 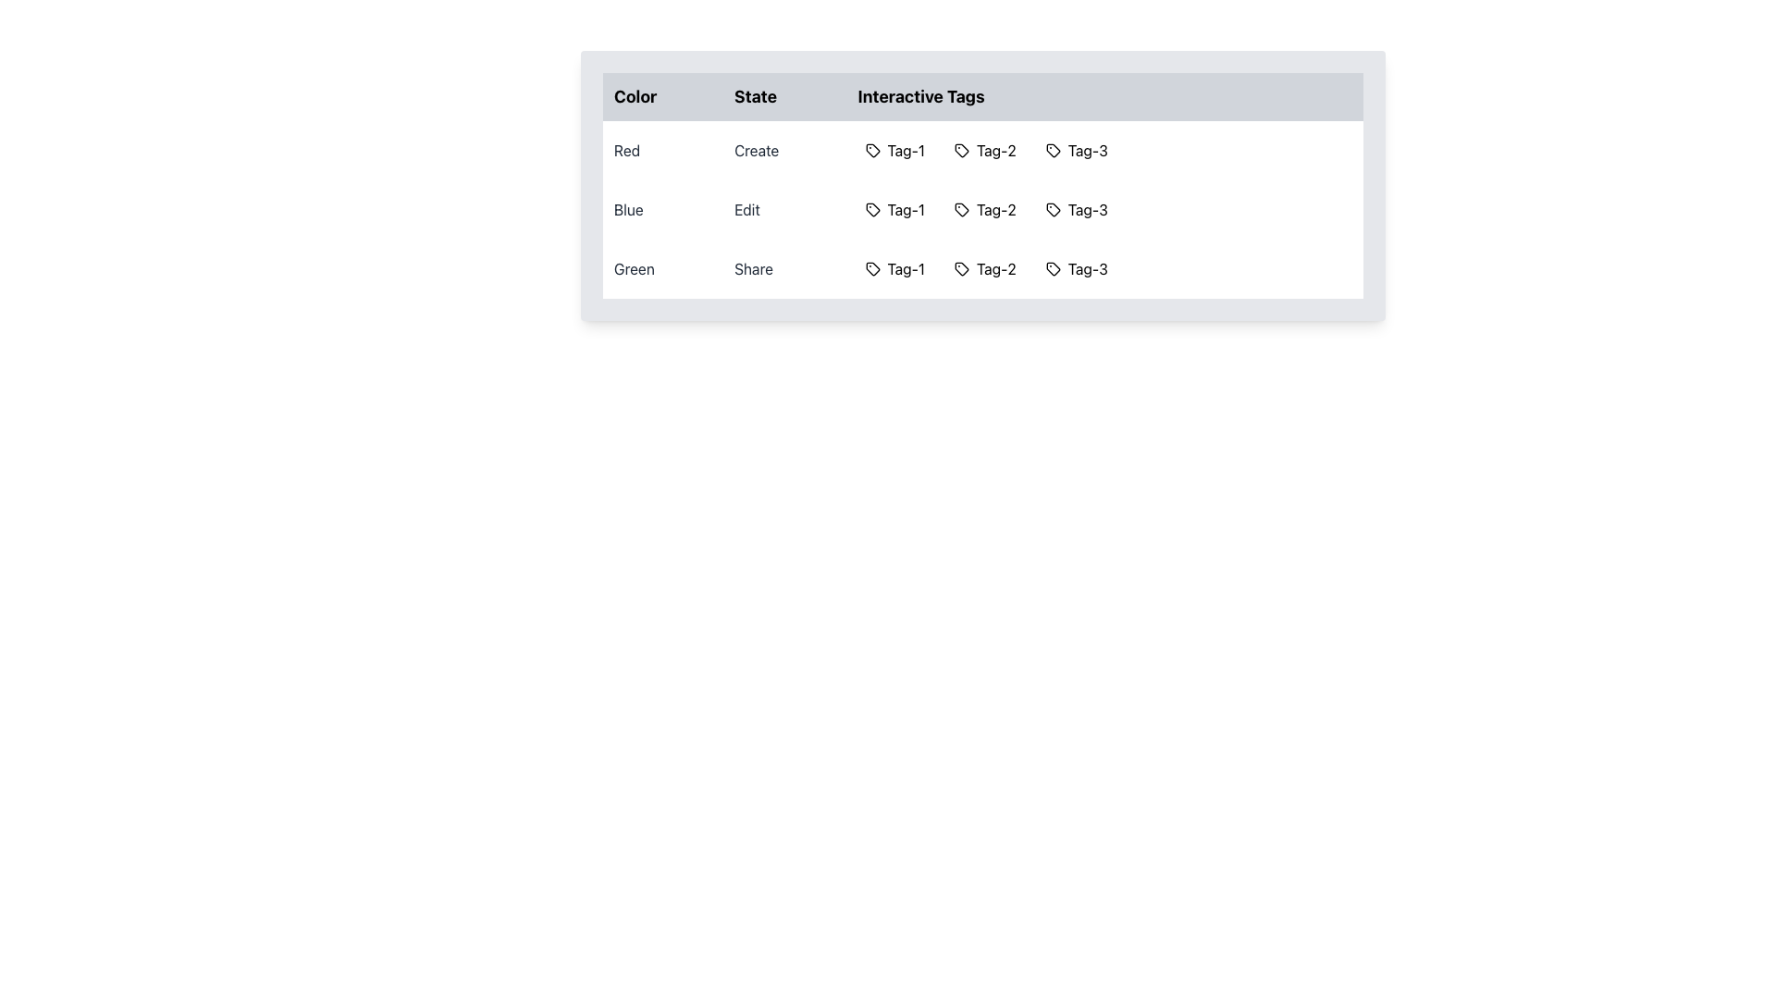 I want to click on the tag labeled 'Tag-3' which has a rounded blue background and is the third tag in the horizontal list of tags in the 'Edit' row, so click(x=1077, y=209).